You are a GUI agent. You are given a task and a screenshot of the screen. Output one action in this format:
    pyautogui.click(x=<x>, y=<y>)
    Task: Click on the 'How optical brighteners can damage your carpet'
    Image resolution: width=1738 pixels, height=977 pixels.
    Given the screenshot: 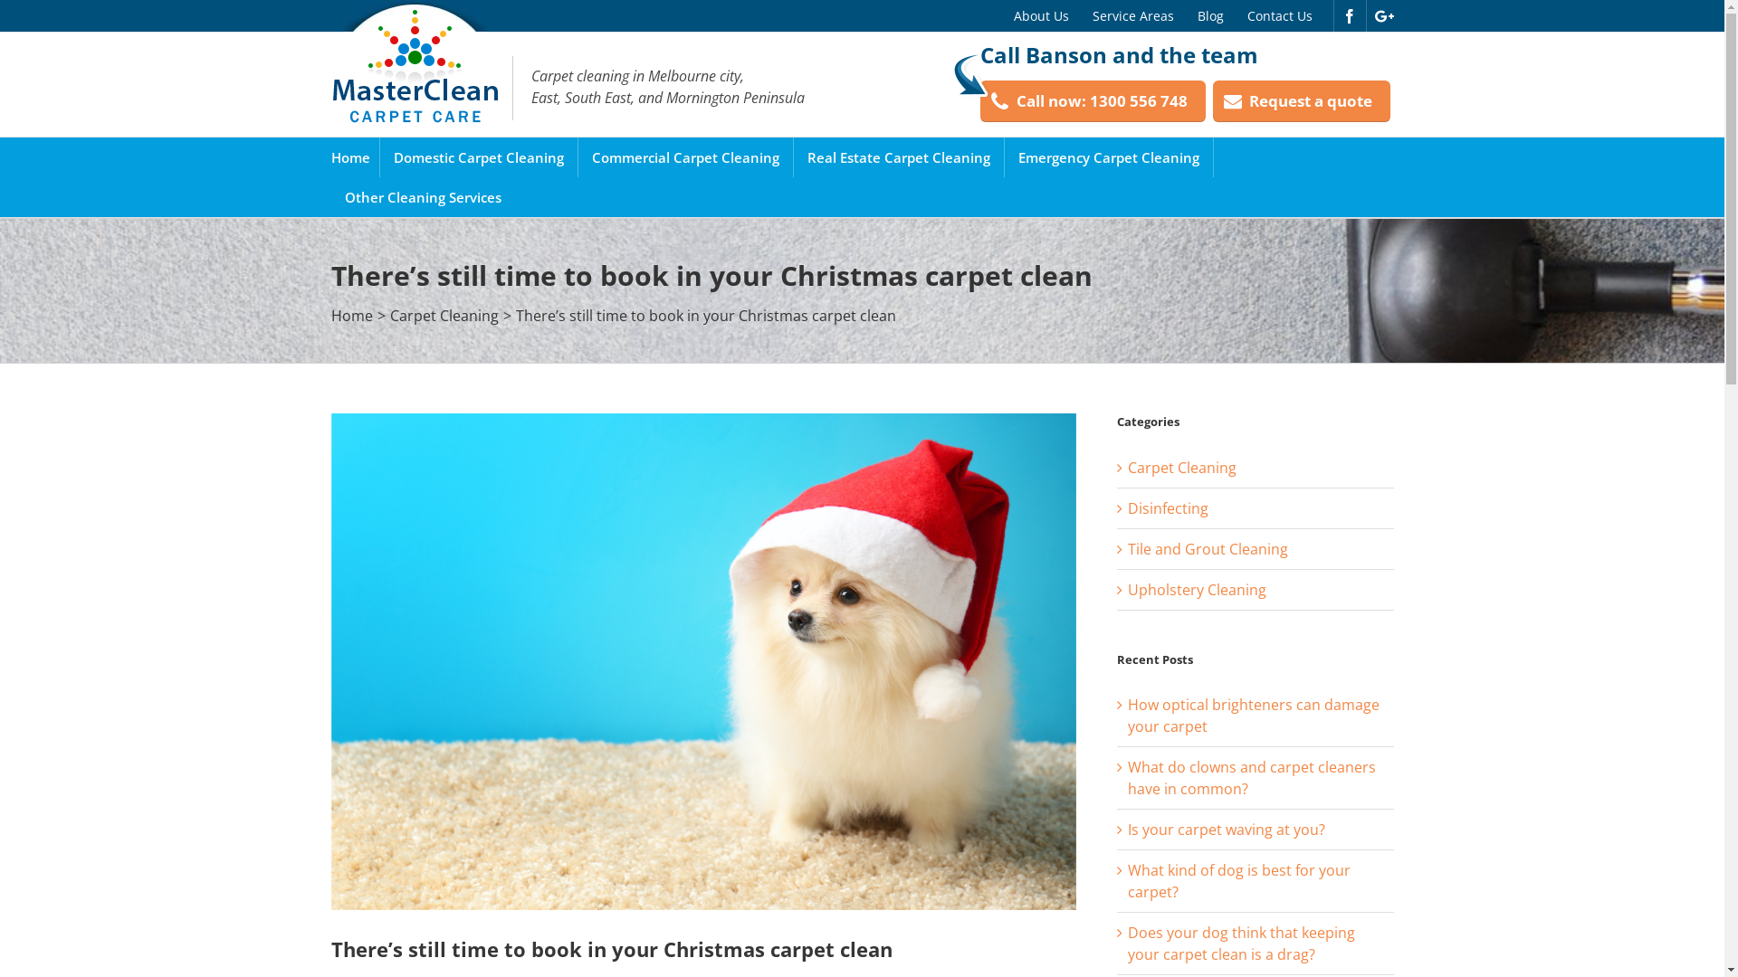 What is the action you would take?
    pyautogui.click(x=1253, y=714)
    